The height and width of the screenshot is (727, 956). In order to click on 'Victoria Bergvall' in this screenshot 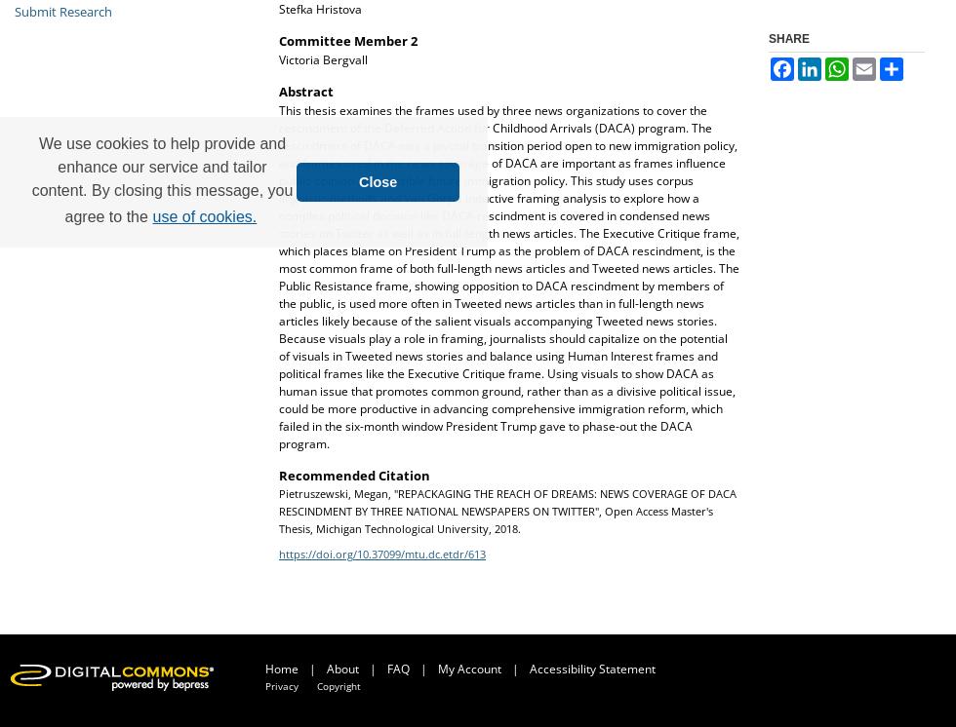, I will do `click(323, 57)`.